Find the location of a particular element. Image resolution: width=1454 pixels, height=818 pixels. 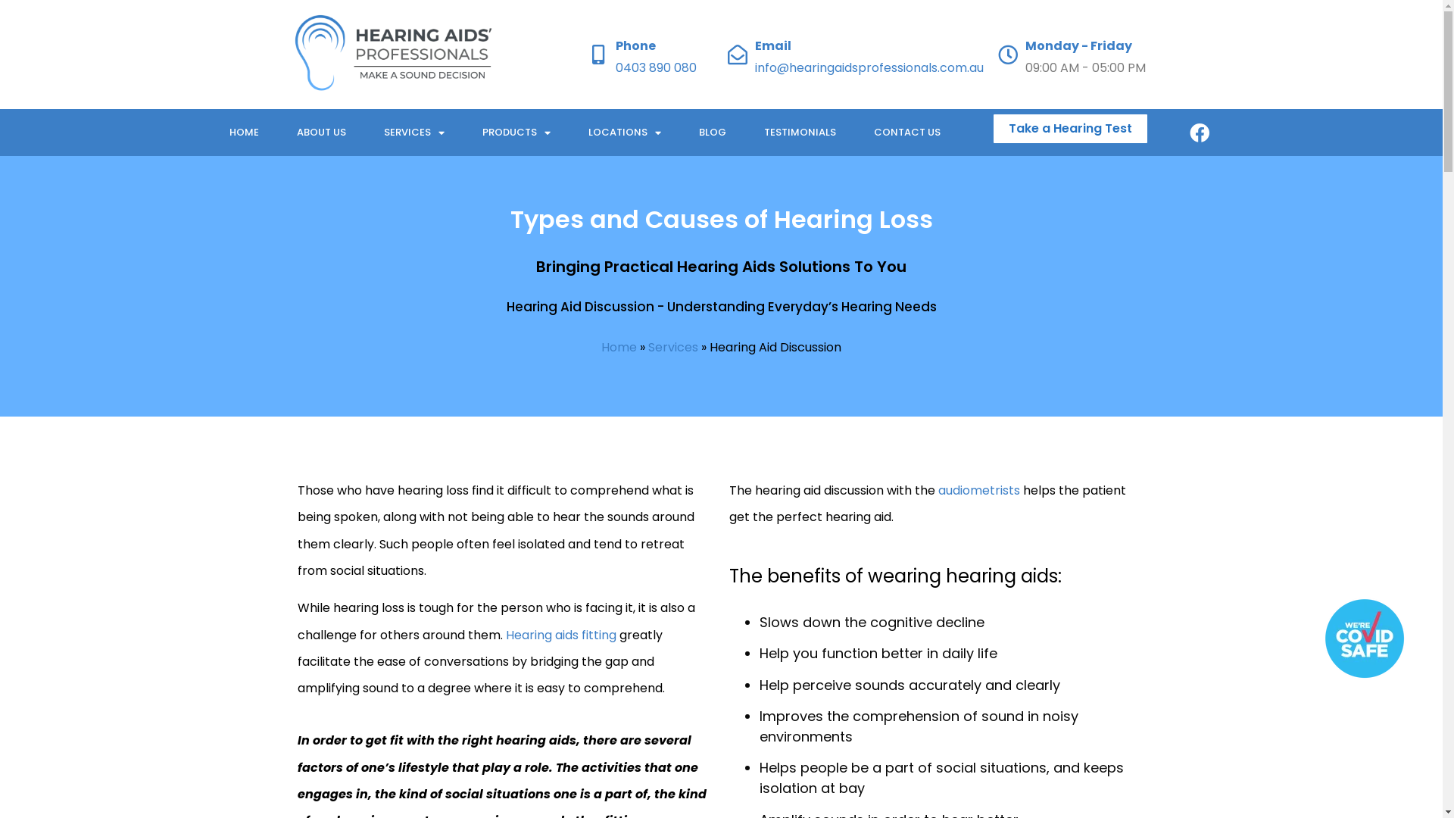

'audiometrists' is located at coordinates (937, 490).